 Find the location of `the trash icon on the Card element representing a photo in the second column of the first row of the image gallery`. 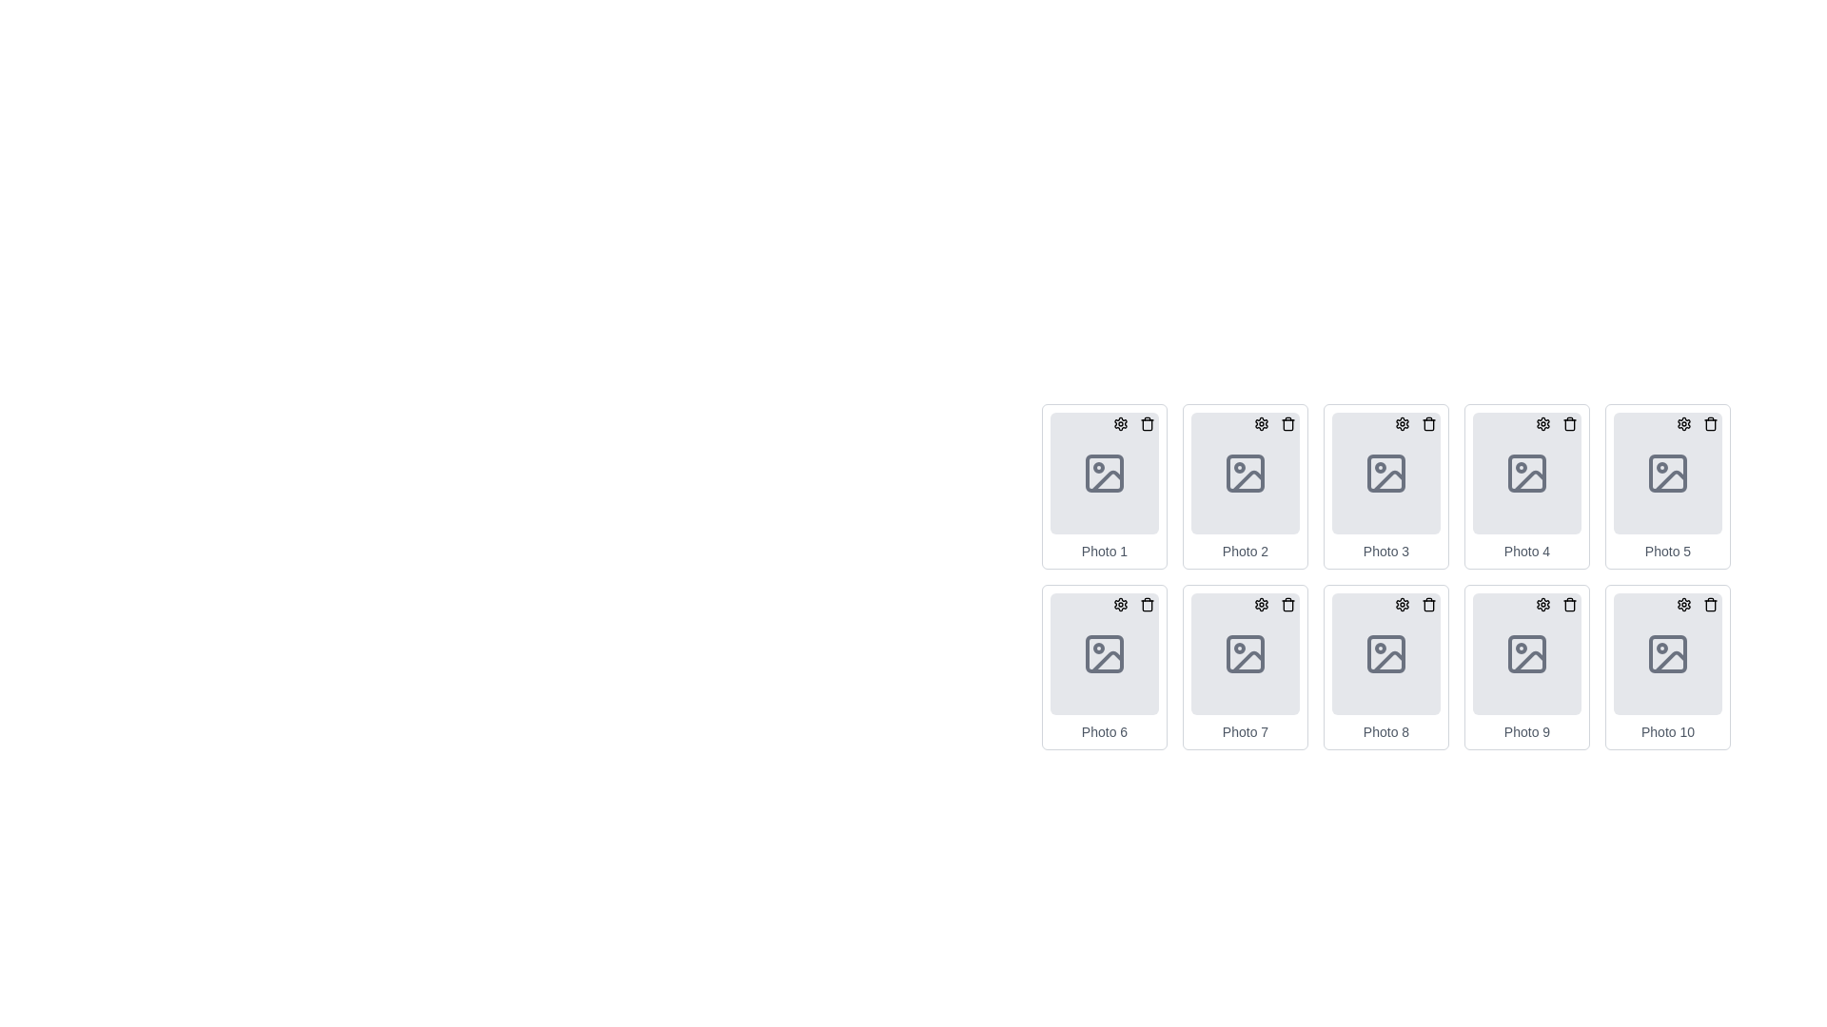

the trash icon on the Card element representing a photo in the second column of the first row of the image gallery is located at coordinates (1246, 486).